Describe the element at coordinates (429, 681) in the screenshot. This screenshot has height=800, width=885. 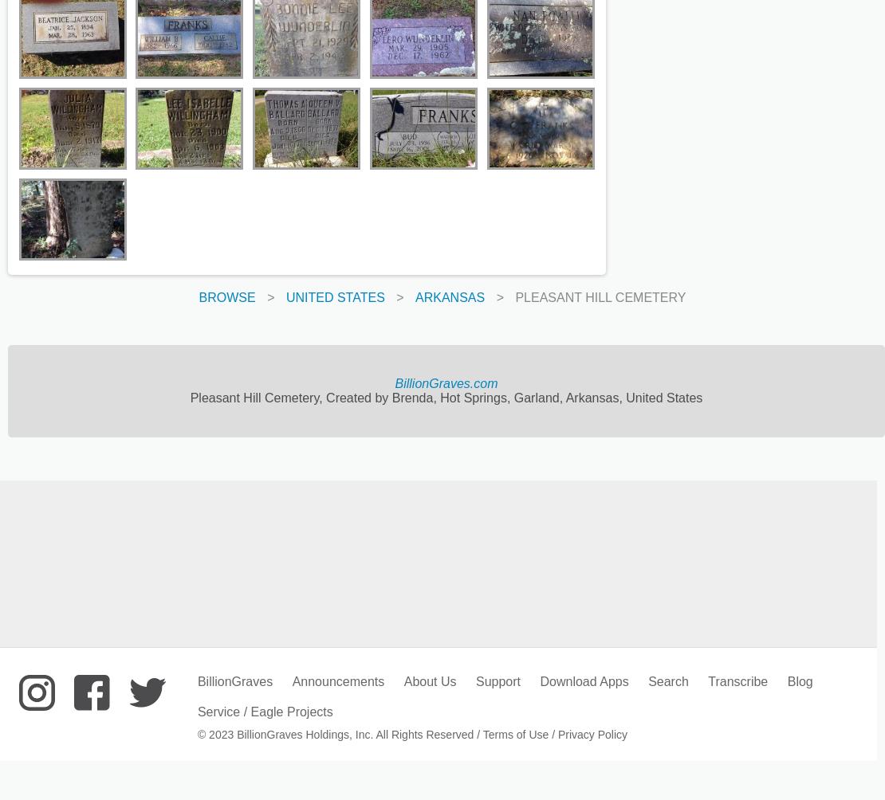
I see `'About Us'` at that location.